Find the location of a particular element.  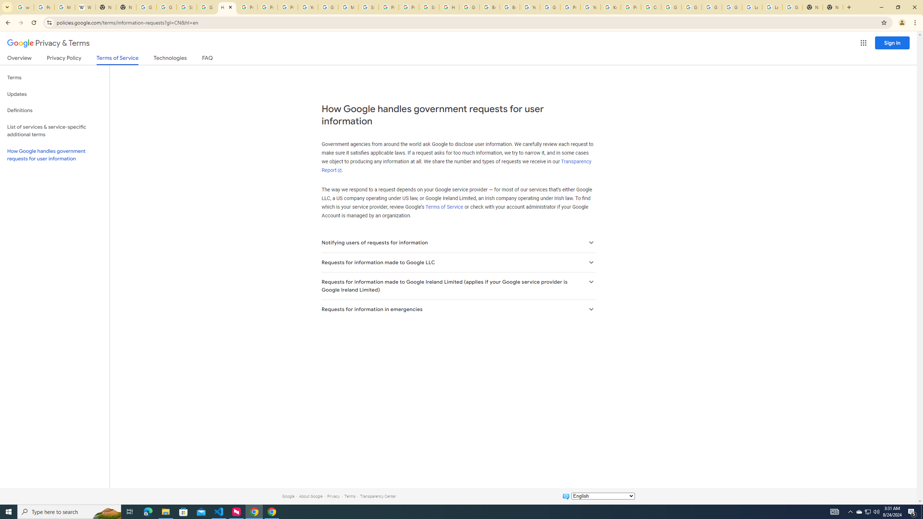

'List of services & service-specific additional terms' is located at coordinates (54, 130).